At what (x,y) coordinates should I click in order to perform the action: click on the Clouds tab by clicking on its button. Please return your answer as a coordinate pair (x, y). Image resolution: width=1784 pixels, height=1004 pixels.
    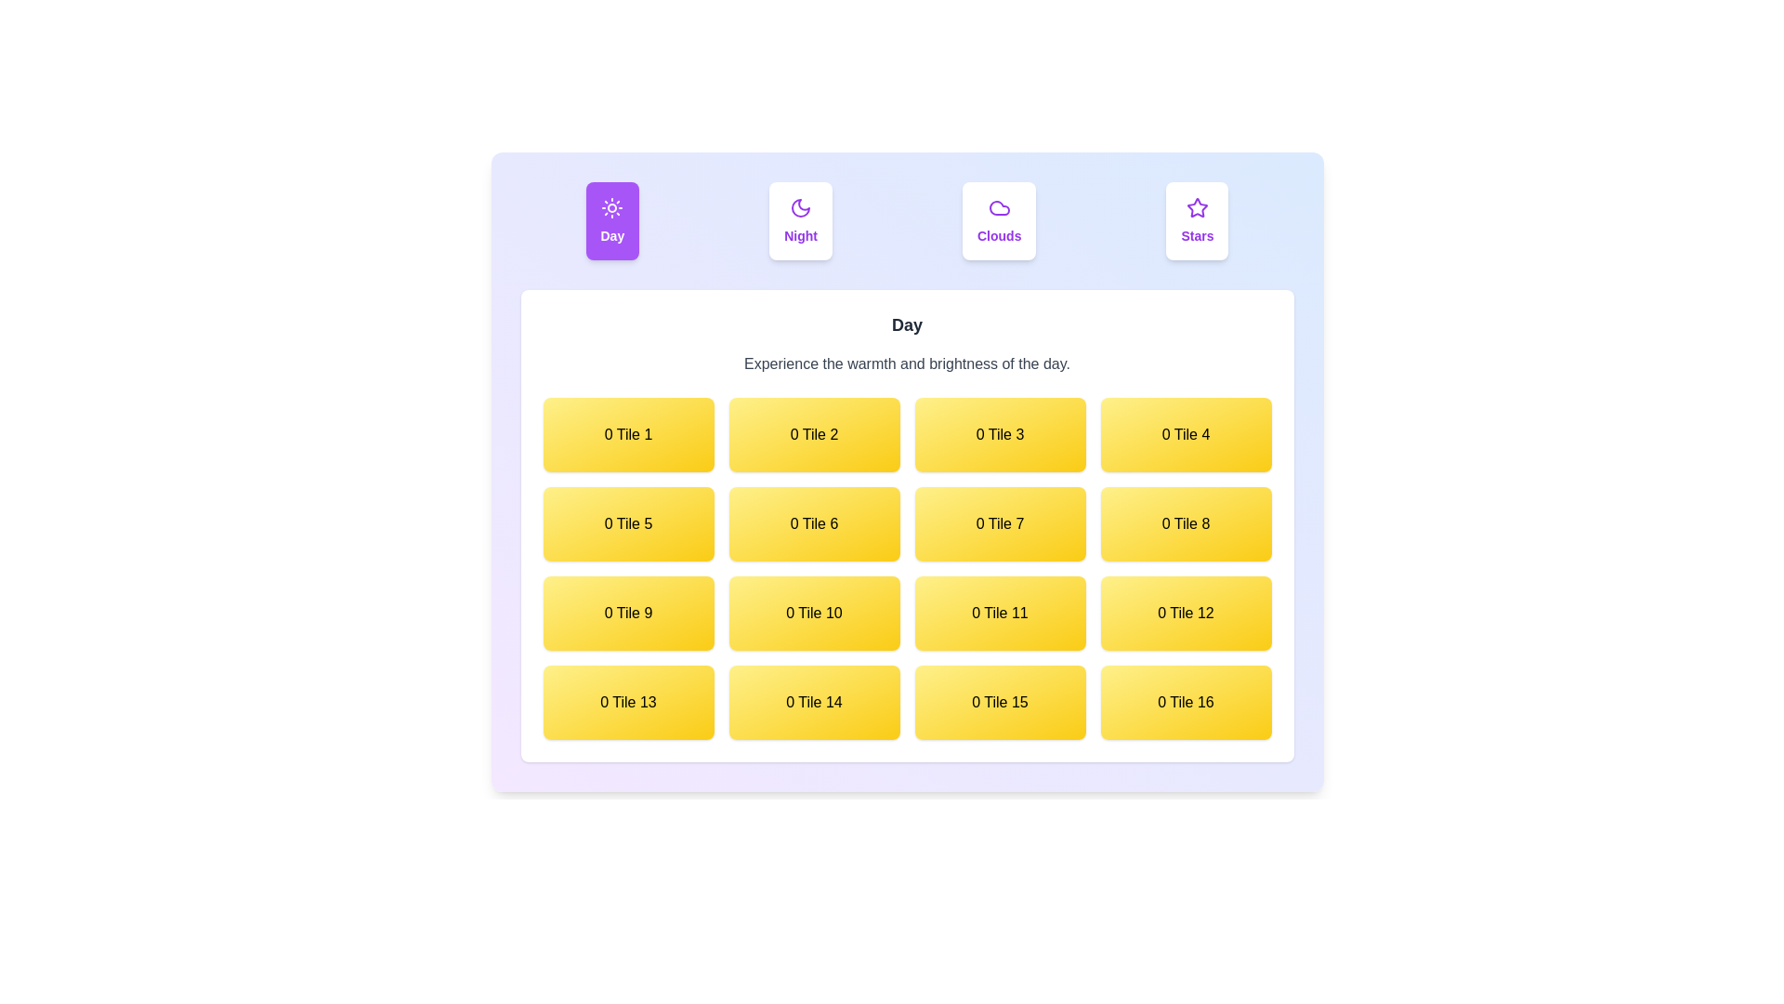
    Looking at the image, I should click on (998, 220).